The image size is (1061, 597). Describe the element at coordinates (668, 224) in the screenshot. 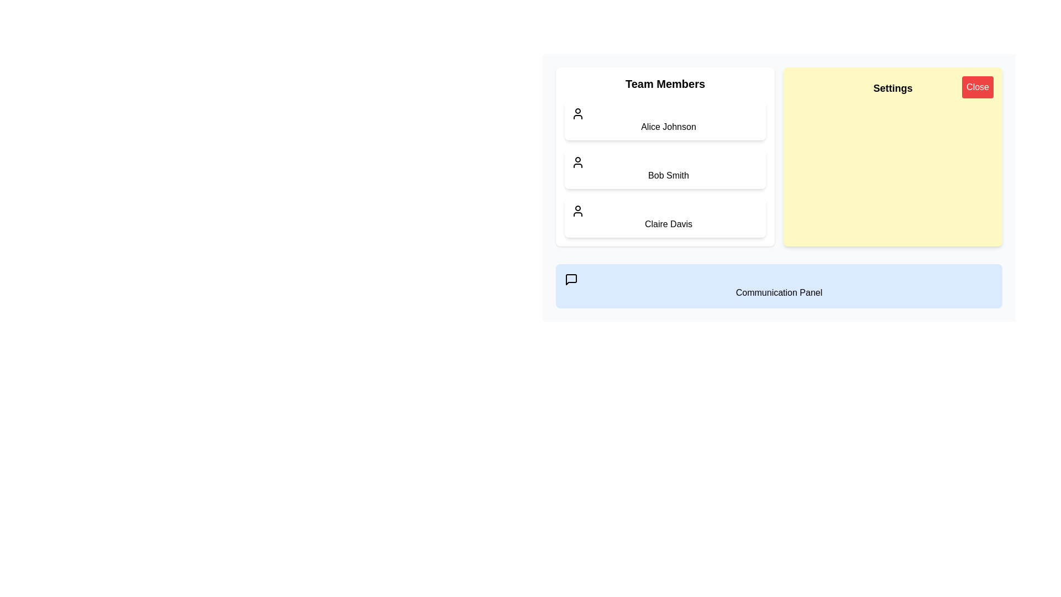

I see `the static text label that identifies the team member 'Claire Davis', which is located within the third rectangular panel of the team member list` at that location.